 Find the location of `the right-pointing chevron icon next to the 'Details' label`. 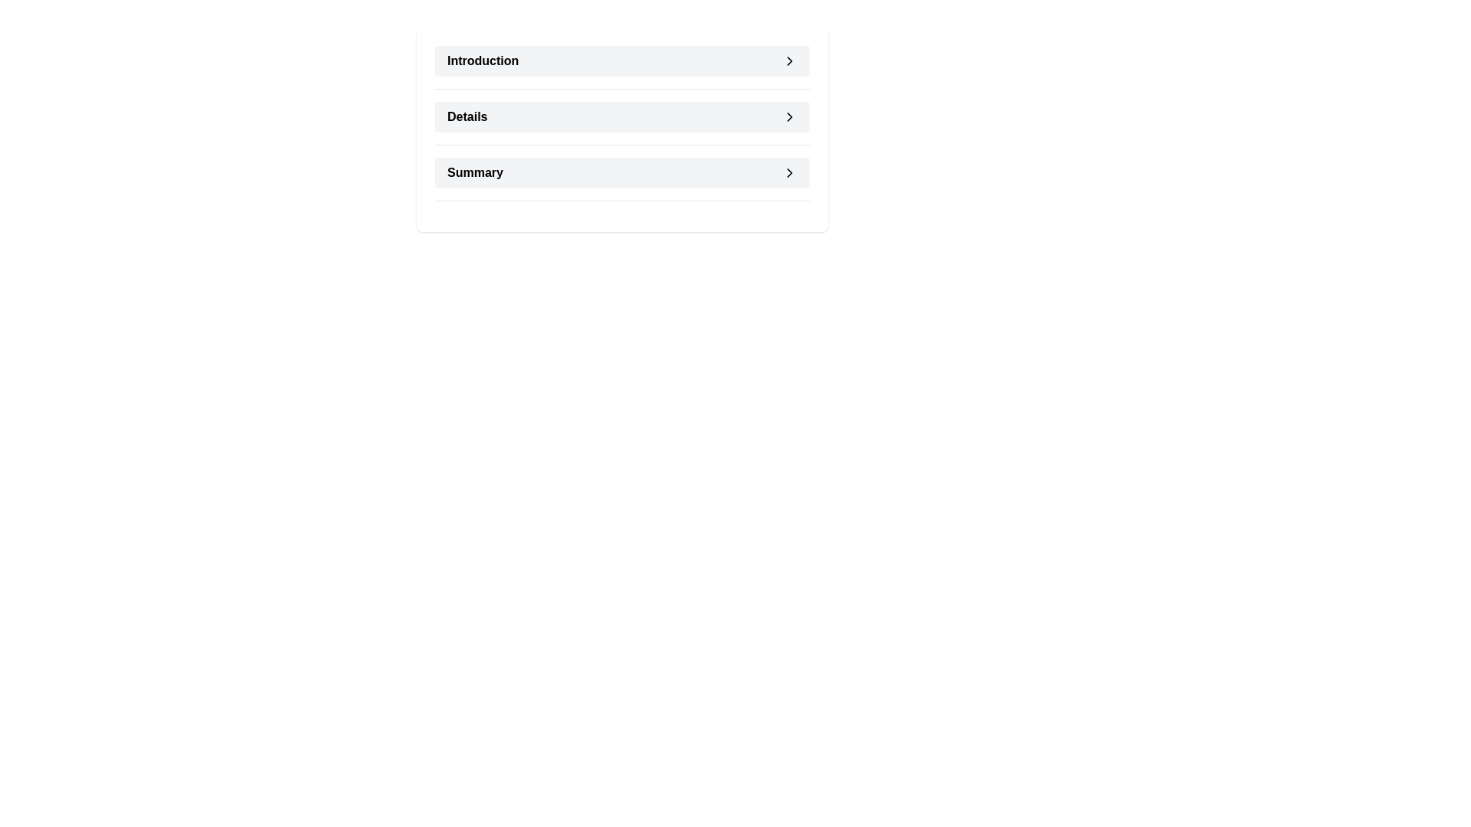

the right-pointing chevron icon next to the 'Details' label is located at coordinates (790, 116).